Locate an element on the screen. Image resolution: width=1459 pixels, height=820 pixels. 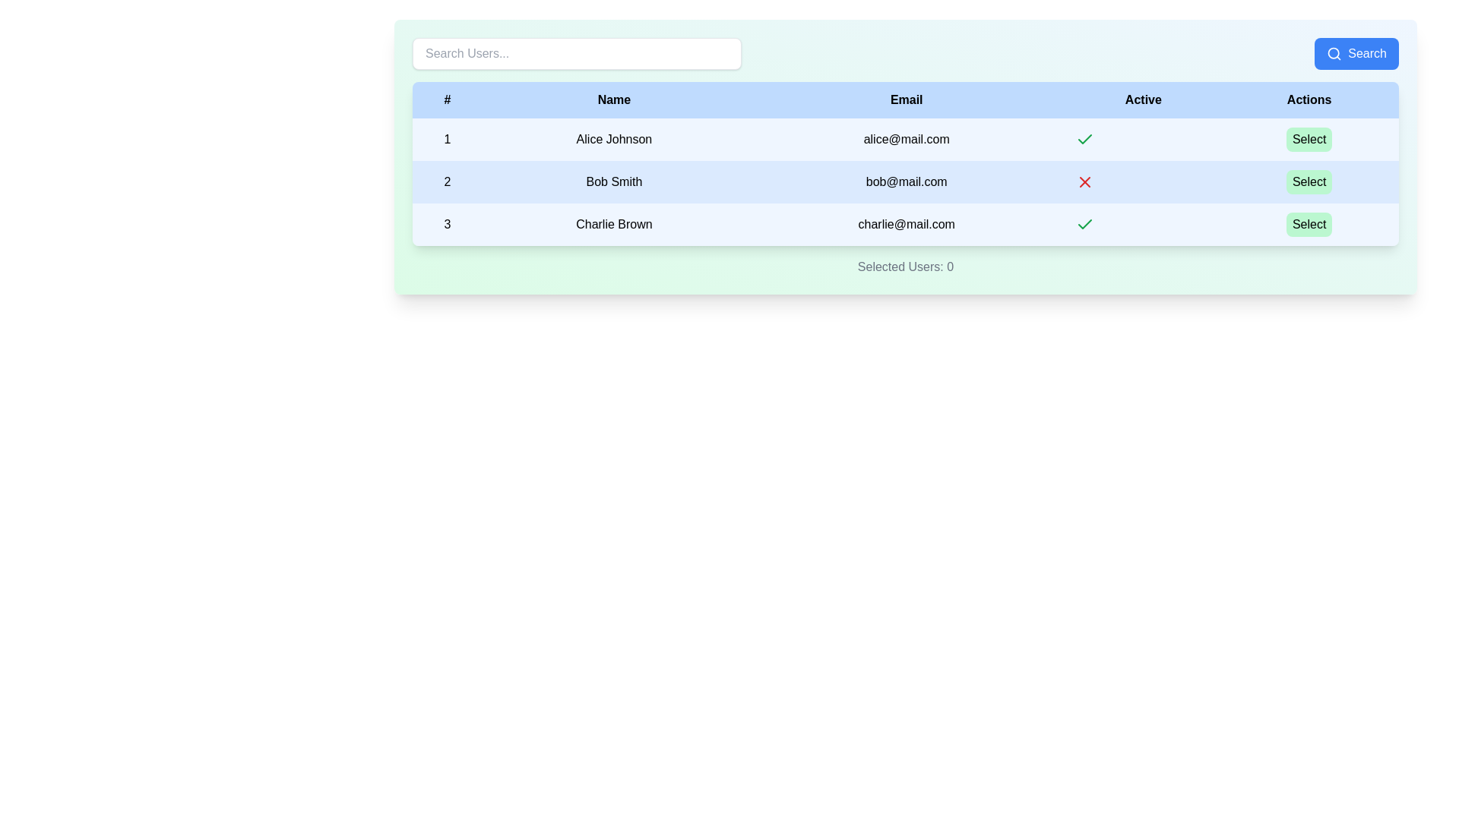
the 'Active' header cell in the table, which is the fourth cell in the header row located between the 'Email' and 'Actions' cells is located at coordinates (1143, 99).